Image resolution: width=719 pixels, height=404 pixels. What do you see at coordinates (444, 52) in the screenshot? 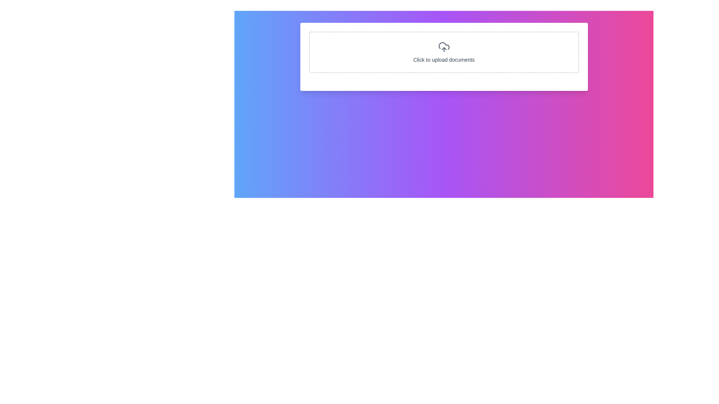
I see `the clickable area labeled 'Click to upload documents' which features a dashed border and an upload icon` at bounding box center [444, 52].